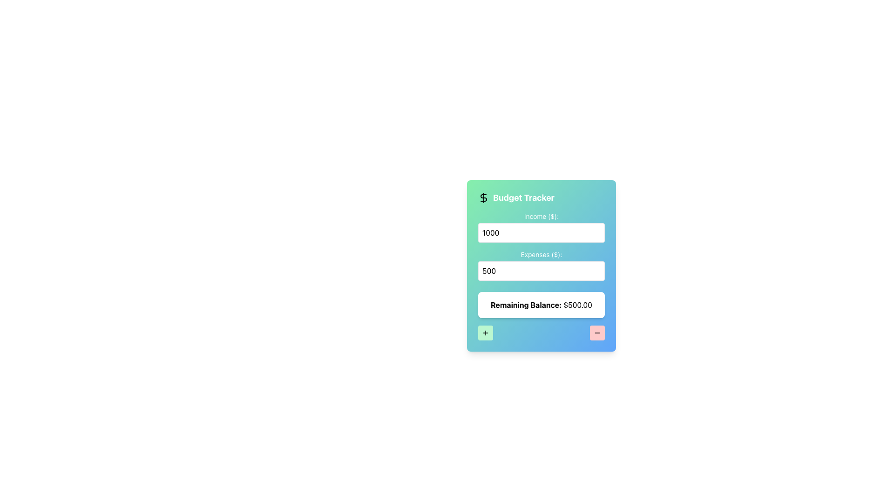 The image size is (894, 503). What do you see at coordinates (526, 305) in the screenshot?
I see `text label displaying 'Remaining Balance:' which is styled with a bold font and is positioned to the left of the balance amount '$500.00'` at bounding box center [526, 305].